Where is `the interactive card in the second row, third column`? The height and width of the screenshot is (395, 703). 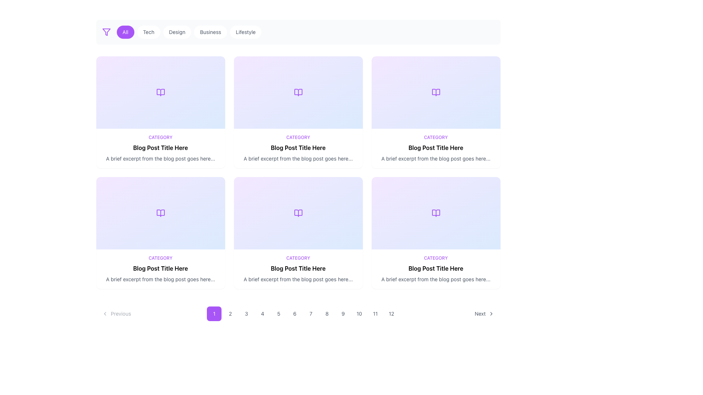
the interactive card in the second row, third column is located at coordinates (436, 233).